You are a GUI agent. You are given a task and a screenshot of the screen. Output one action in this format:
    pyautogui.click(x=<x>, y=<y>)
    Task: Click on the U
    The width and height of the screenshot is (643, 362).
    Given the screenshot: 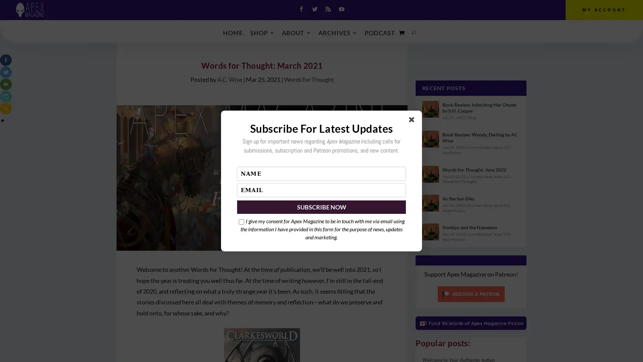 What is the action you would take?
    pyautogui.click(x=414, y=33)
    